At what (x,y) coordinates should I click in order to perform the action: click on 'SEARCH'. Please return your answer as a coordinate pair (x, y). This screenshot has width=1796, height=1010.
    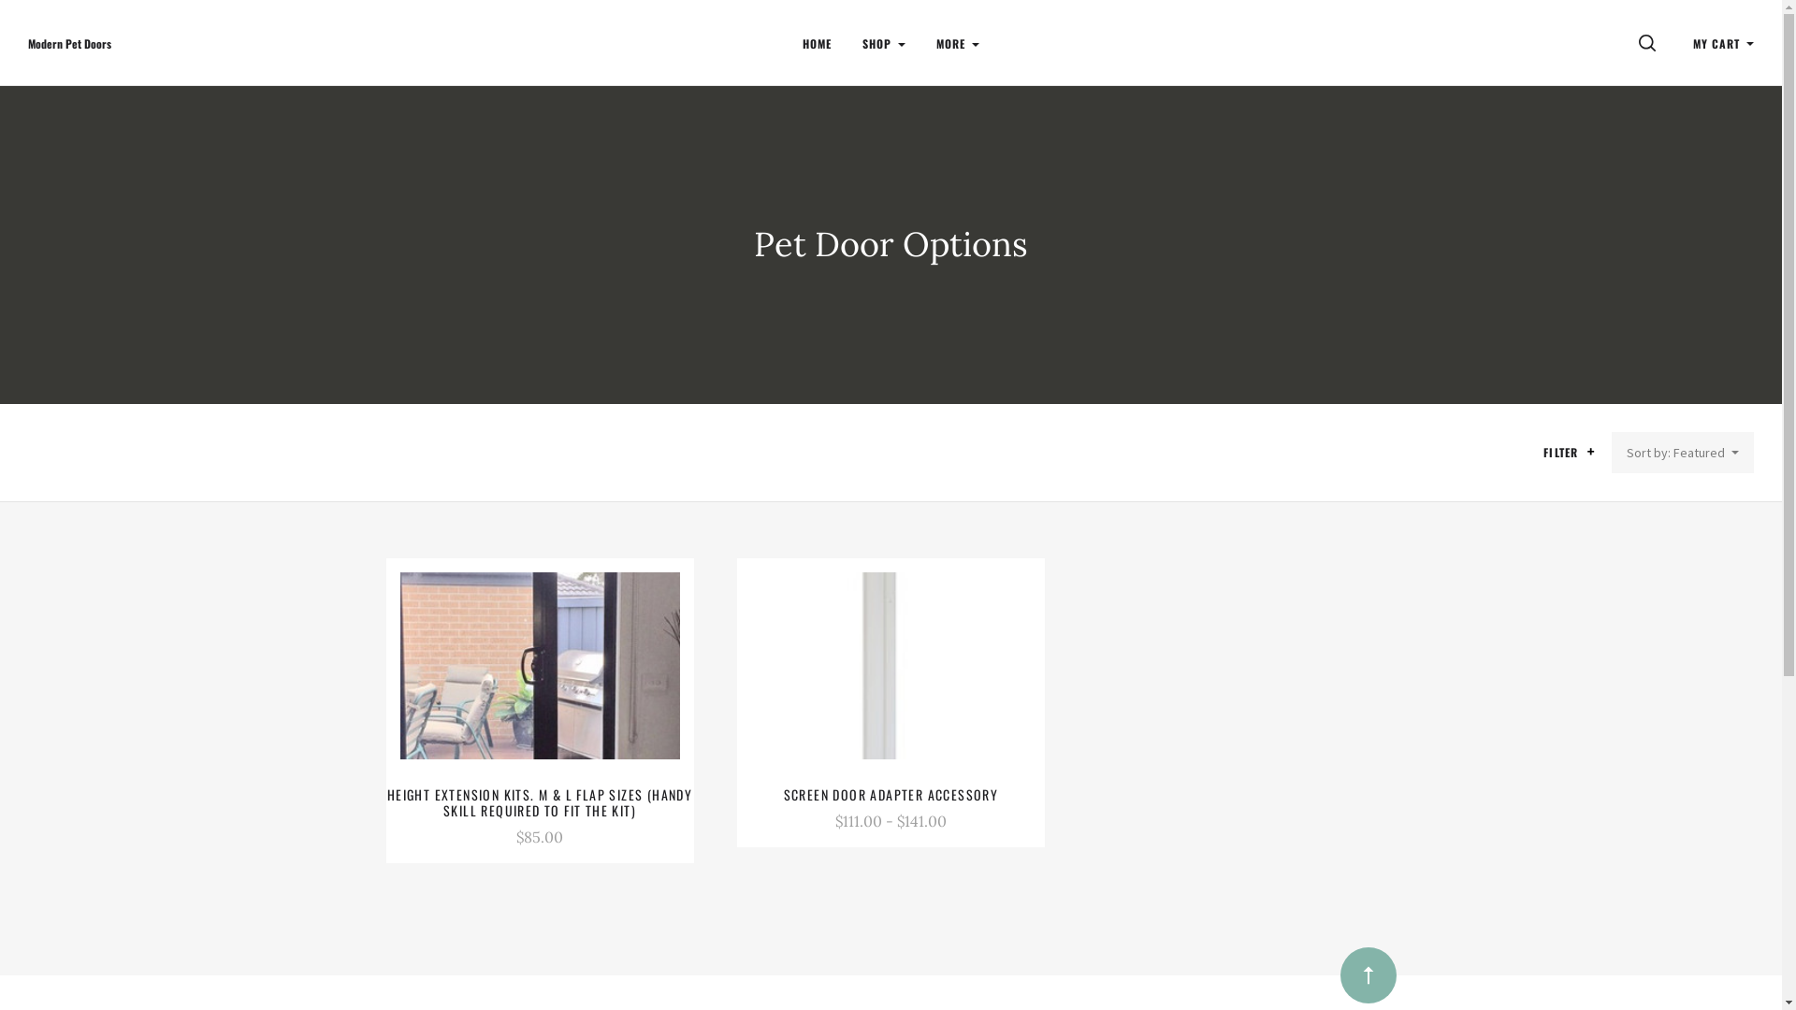
    Looking at the image, I should click on (1650, 42).